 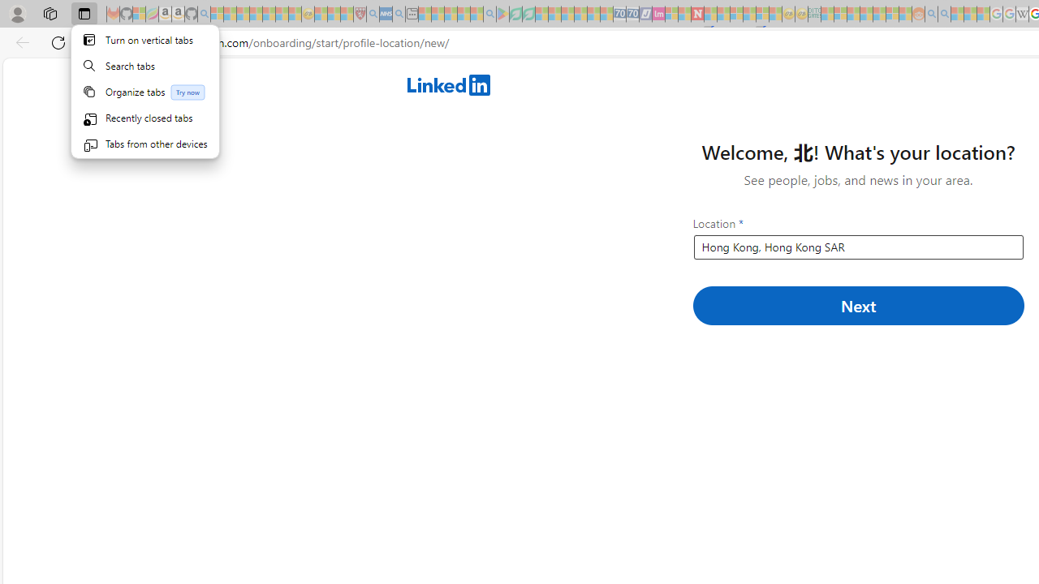 I want to click on 'Expert Portfolios - Sleeping', so click(x=865, y=14).